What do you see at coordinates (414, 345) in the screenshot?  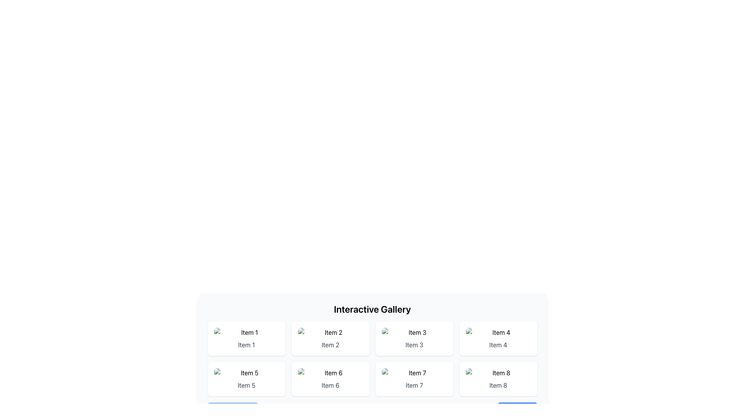 I see `the Text Label located in the top row, third column of the grid layout, which provides descriptive text for the associated image labeled 'Item 3'` at bounding box center [414, 345].